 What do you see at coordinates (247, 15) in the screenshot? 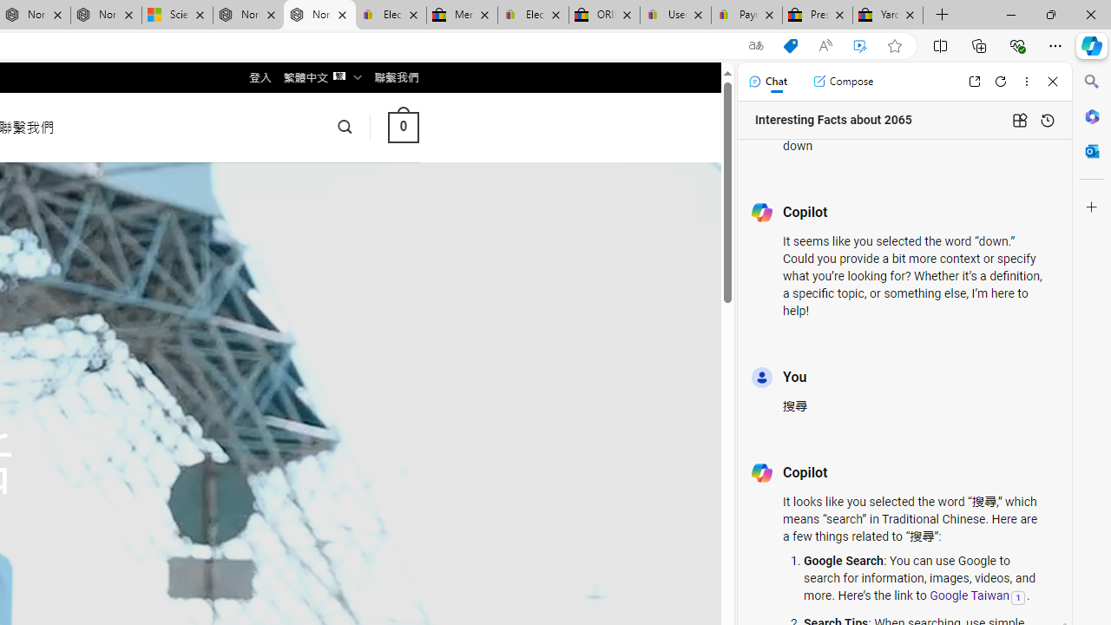
I see `'Nordace - Summer Adventures 2024'` at bounding box center [247, 15].